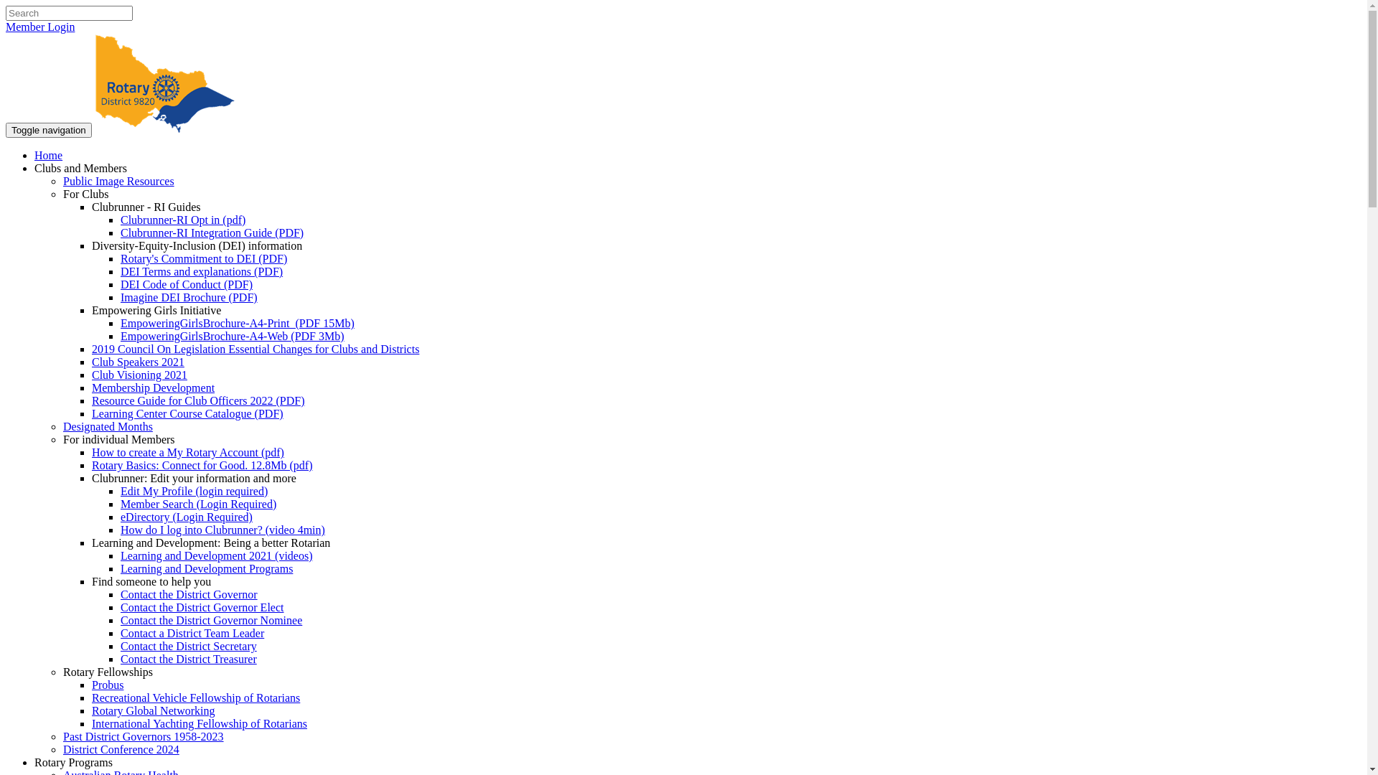  Describe the element at coordinates (121, 594) in the screenshot. I see `'Contact the District Governor'` at that location.